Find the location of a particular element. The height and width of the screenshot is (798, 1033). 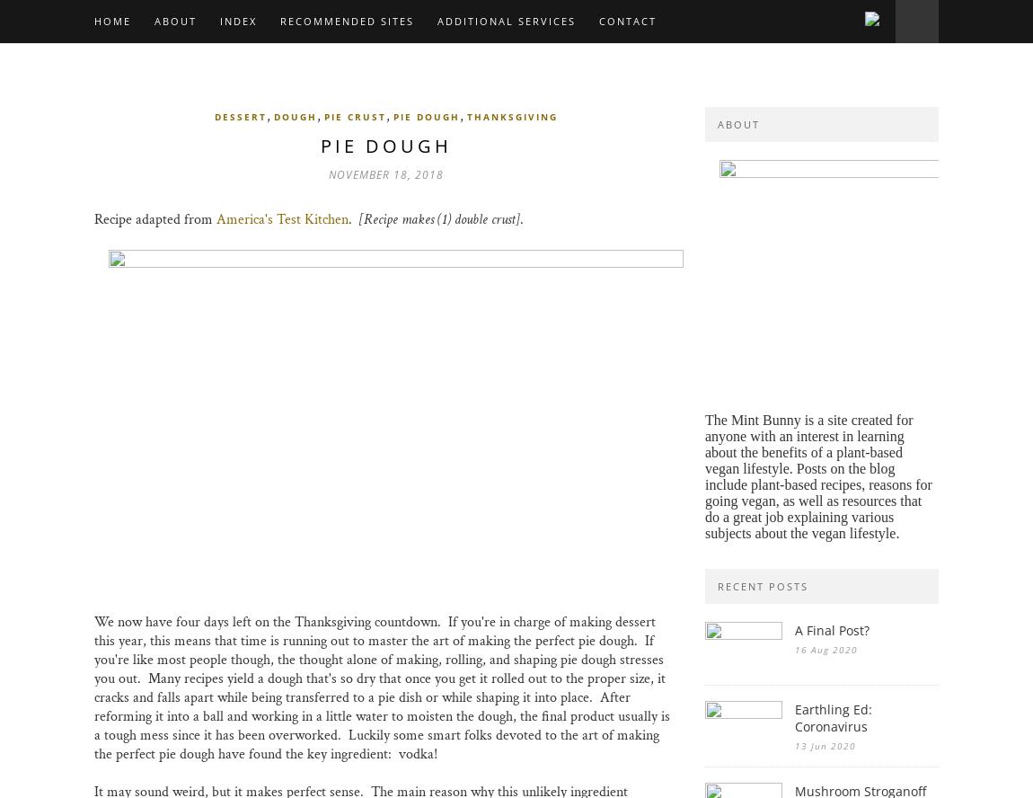

'[Recipe makes (1) double crust]' is located at coordinates (358, 219).